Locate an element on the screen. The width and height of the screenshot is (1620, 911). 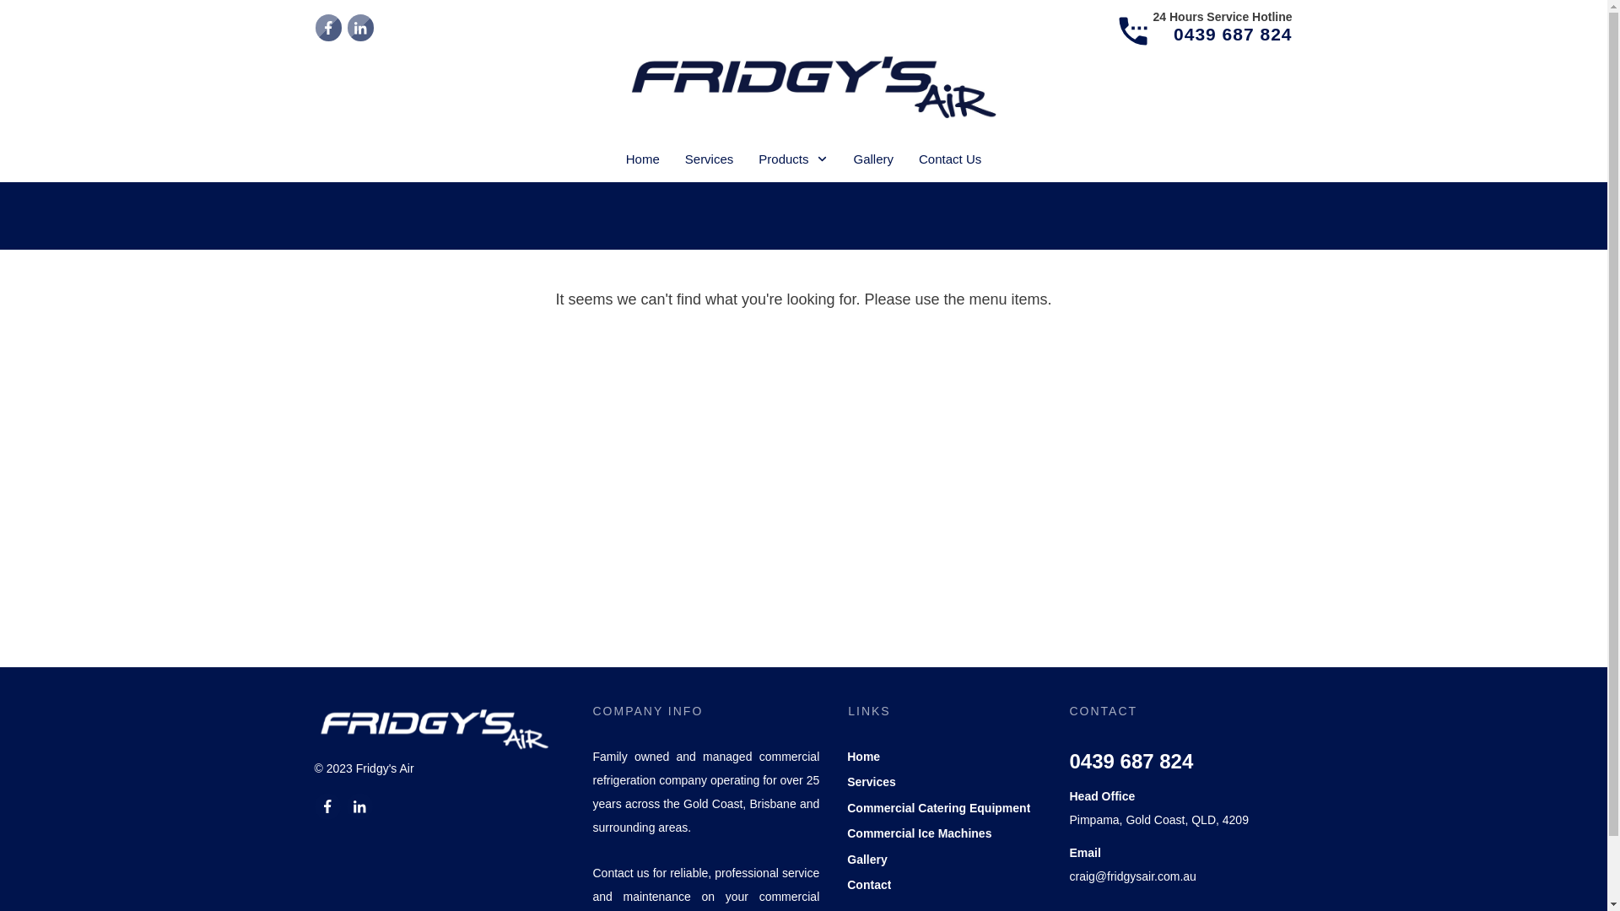
'Gallery' is located at coordinates (874, 159).